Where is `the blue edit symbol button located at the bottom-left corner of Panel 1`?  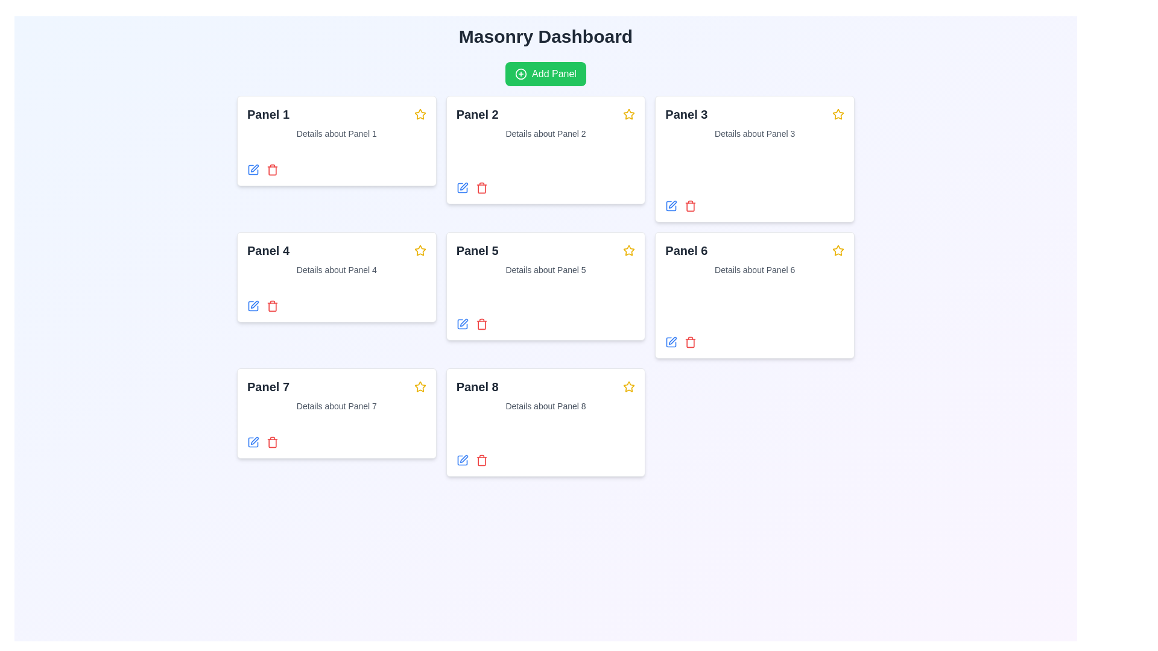 the blue edit symbol button located at the bottom-left corner of Panel 1 is located at coordinates (253, 169).